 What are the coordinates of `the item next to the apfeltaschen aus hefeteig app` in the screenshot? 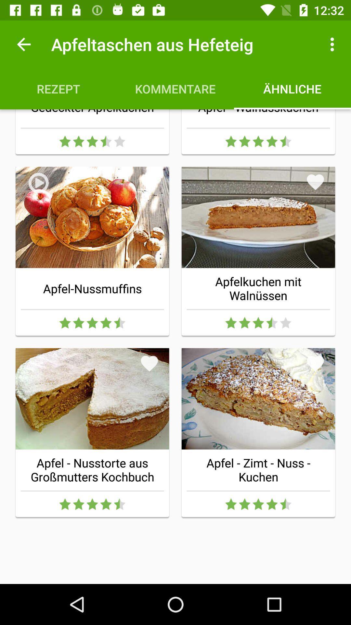 It's located at (23, 44).